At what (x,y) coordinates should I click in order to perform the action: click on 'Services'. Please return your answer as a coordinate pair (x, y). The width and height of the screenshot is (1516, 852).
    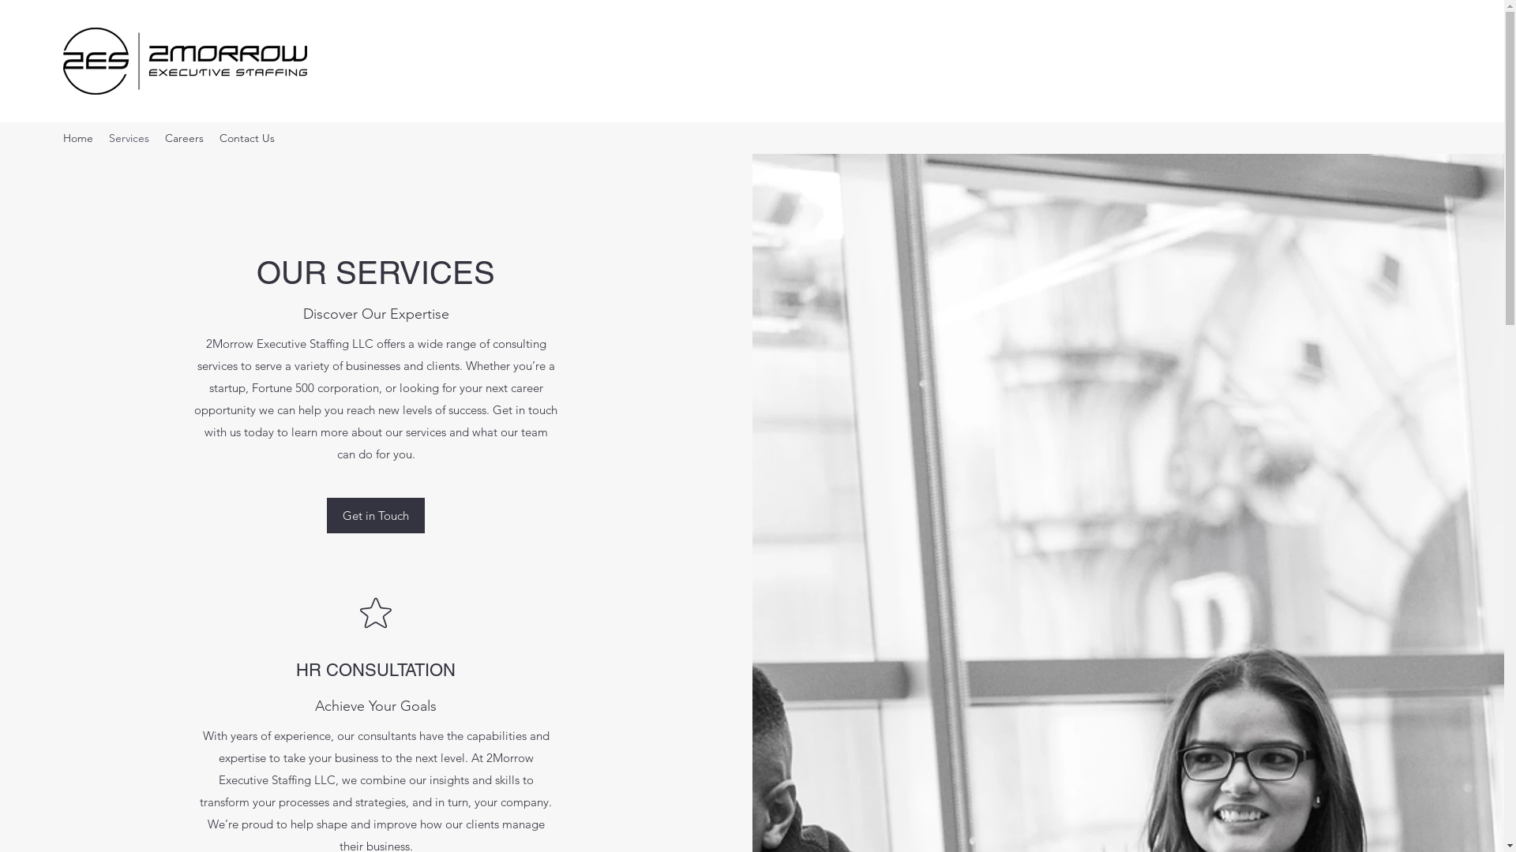
    Looking at the image, I should click on (129, 136).